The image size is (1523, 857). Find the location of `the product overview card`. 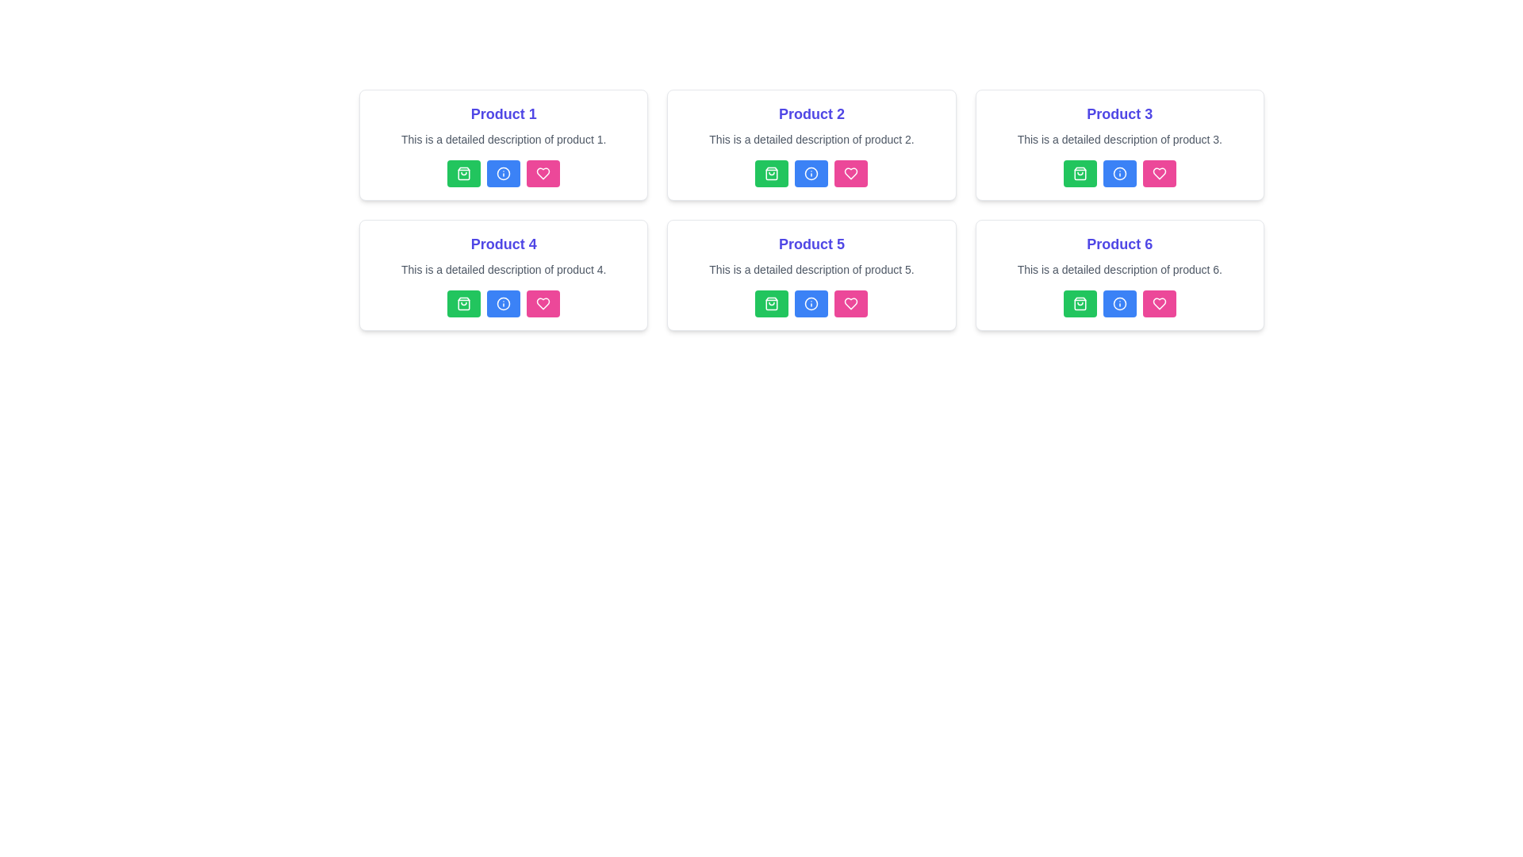

the product overview card is located at coordinates (1118, 275).